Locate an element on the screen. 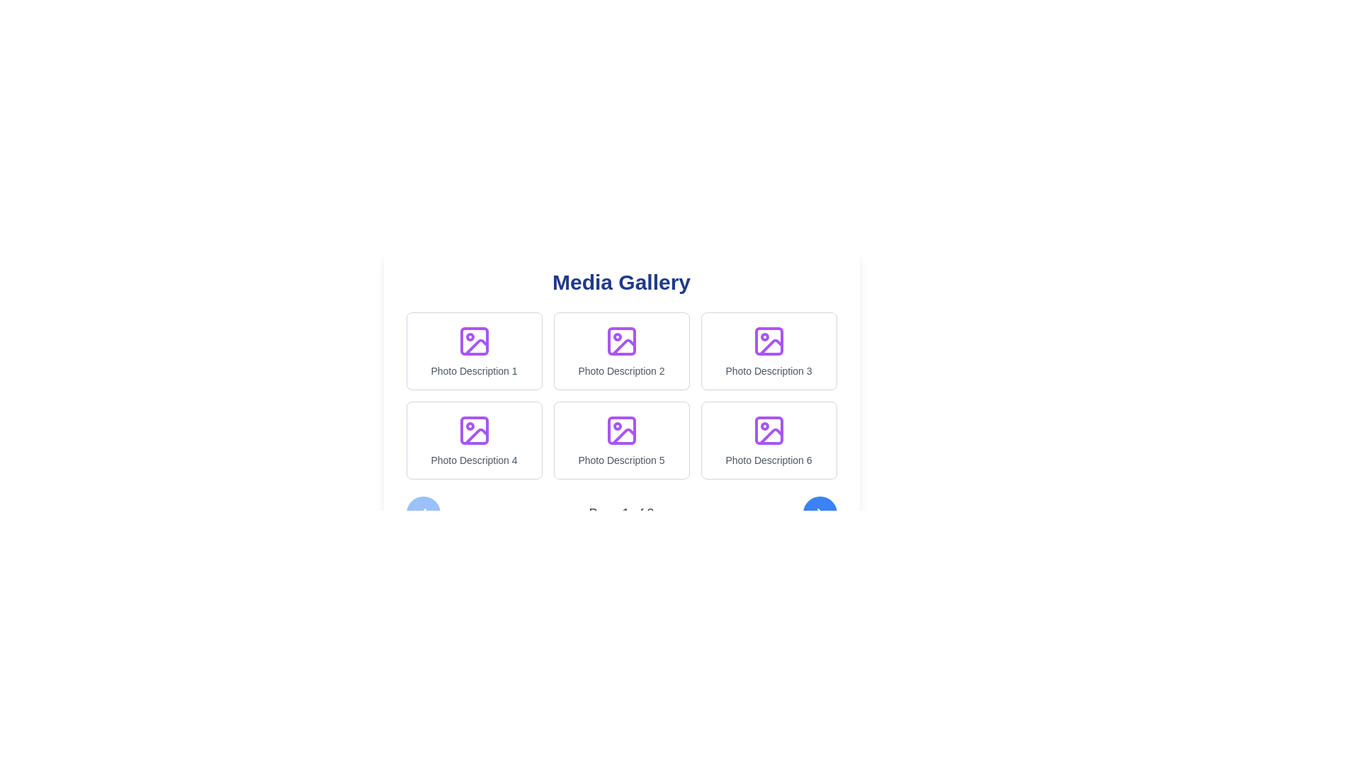  the icon representing the image or photo placeholder located in the second row and first column of the grid, aligned with 'Photo Description 4' in the 'Media Gallery' section is located at coordinates (474, 430).